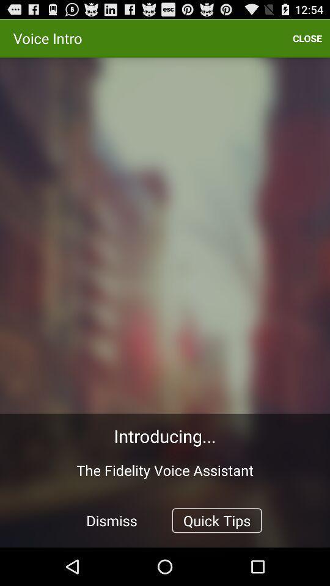 This screenshot has height=586, width=330. What do you see at coordinates (112, 519) in the screenshot?
I see `the icon below the the fidelity voice icon` at bounding box center [112, 519].